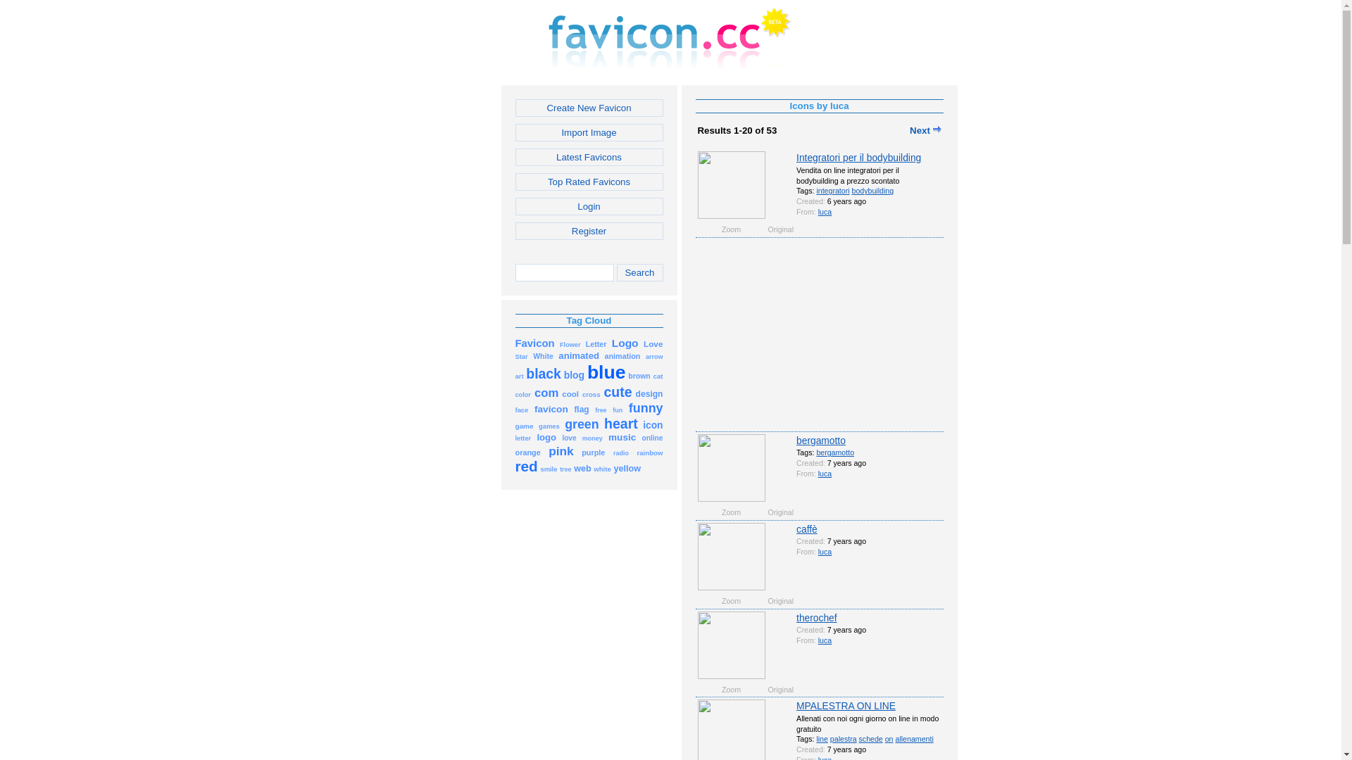  I want to click on 'MPALESTRA ON LINE', so click(796, 705).